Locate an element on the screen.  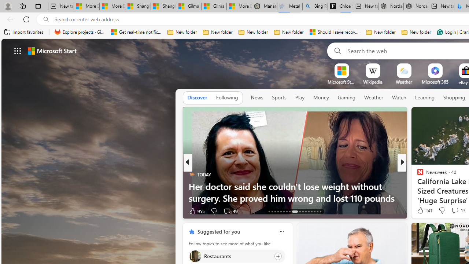
'Import favorites' is located at coordinates (24, 32).